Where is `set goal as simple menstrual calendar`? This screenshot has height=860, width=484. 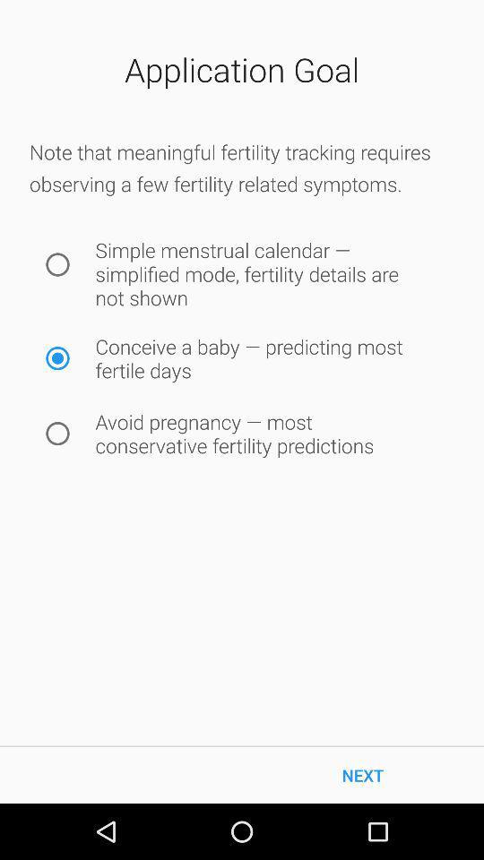 set goal as simple menstrual calendar is located at coordinates (57, 263).